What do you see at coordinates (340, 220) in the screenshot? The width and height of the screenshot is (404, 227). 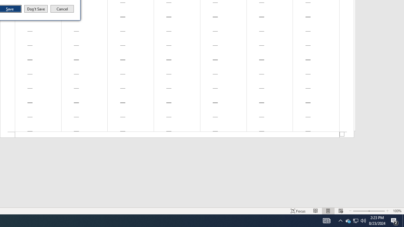 I see `'Notification Chevron'` at bounding box center [340, 220].